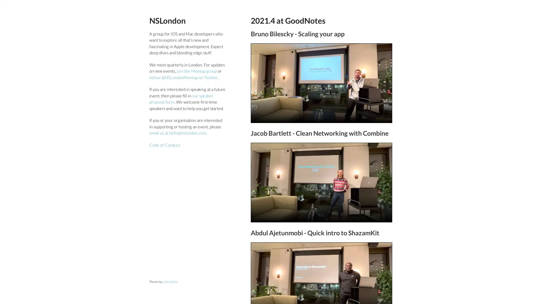 This screenshot has height=304, width=541. Describe the element at coordinates (372, 109) in the screenshot. I see `enter full screen` at that location.